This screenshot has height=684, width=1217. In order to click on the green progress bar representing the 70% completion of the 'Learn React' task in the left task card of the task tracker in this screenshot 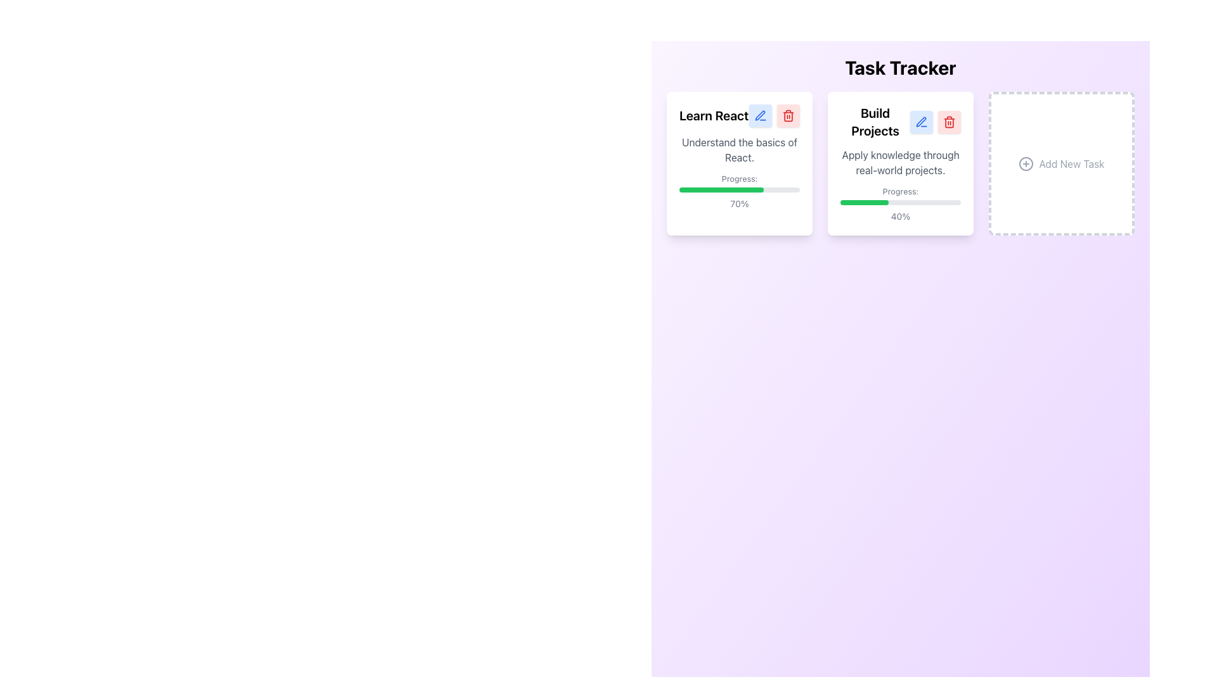, I will do `click(721, 190)`.